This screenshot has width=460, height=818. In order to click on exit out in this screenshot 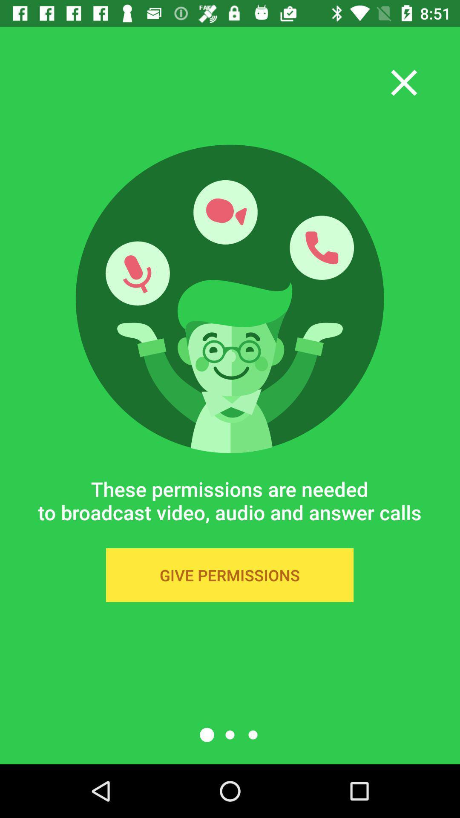, I will do `click(403, 83)`.